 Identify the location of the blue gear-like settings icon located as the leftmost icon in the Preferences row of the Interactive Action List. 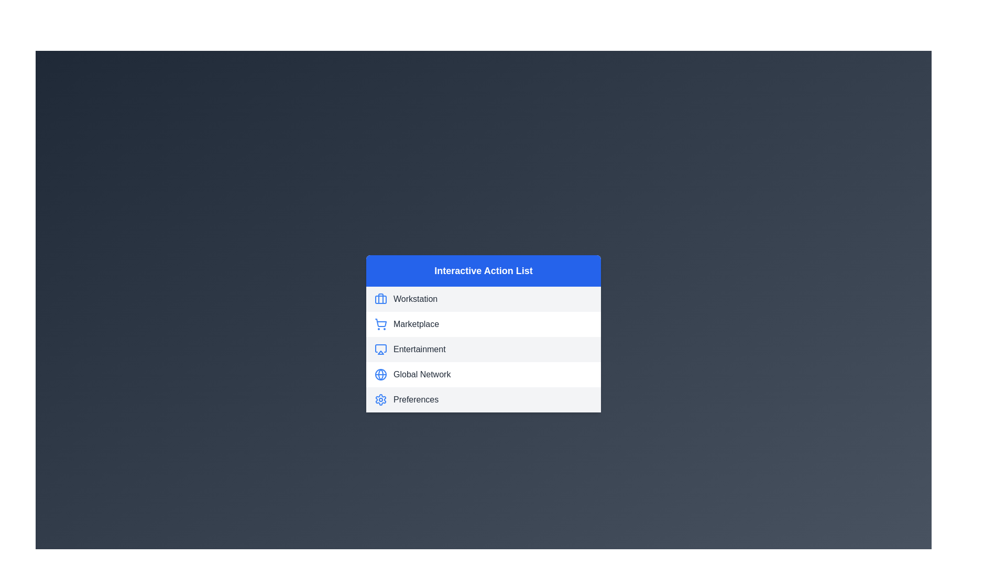
(380, 400).